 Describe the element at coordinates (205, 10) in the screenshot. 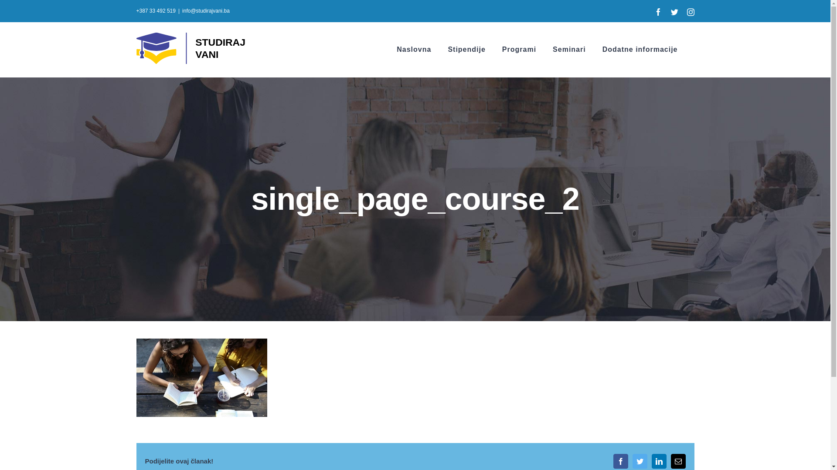

I see `'info@studirajvani.ba'` at that location.